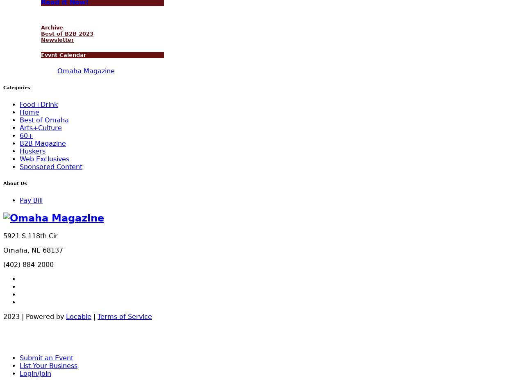 The width and height of the screenshot is (514, 384). I want to click on 'Sponsored Content', so click(50, 167).